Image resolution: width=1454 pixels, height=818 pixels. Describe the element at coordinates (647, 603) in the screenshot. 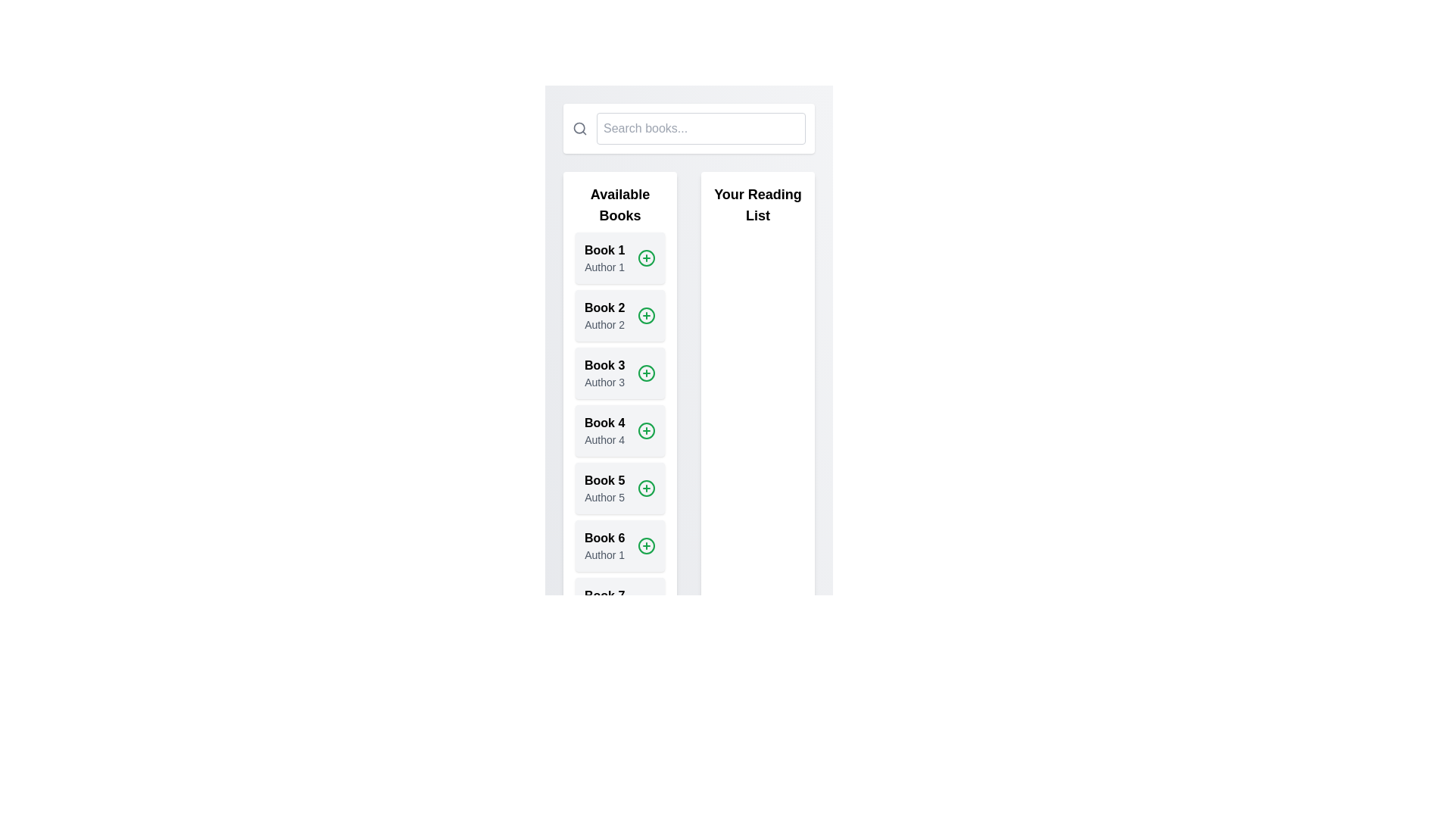

I see `the button` at that location.